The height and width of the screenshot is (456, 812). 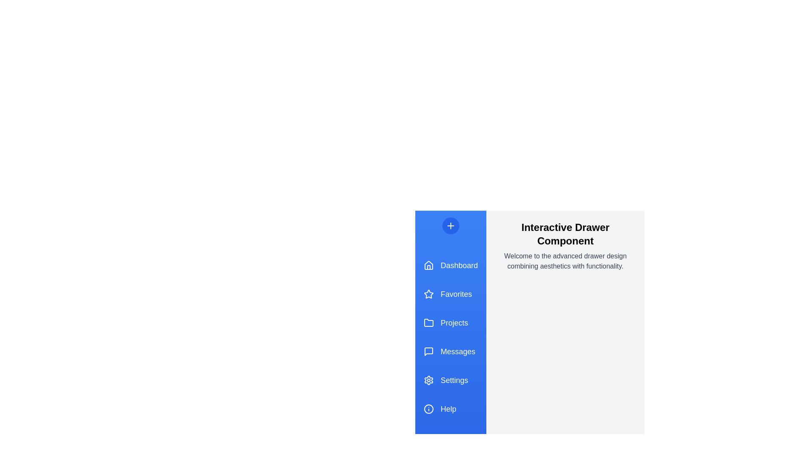 What do you see at coordinates (450, 294) in the screenshot?
I see `the menu item Favorites in the drawer` at bounding box center [450, 294].